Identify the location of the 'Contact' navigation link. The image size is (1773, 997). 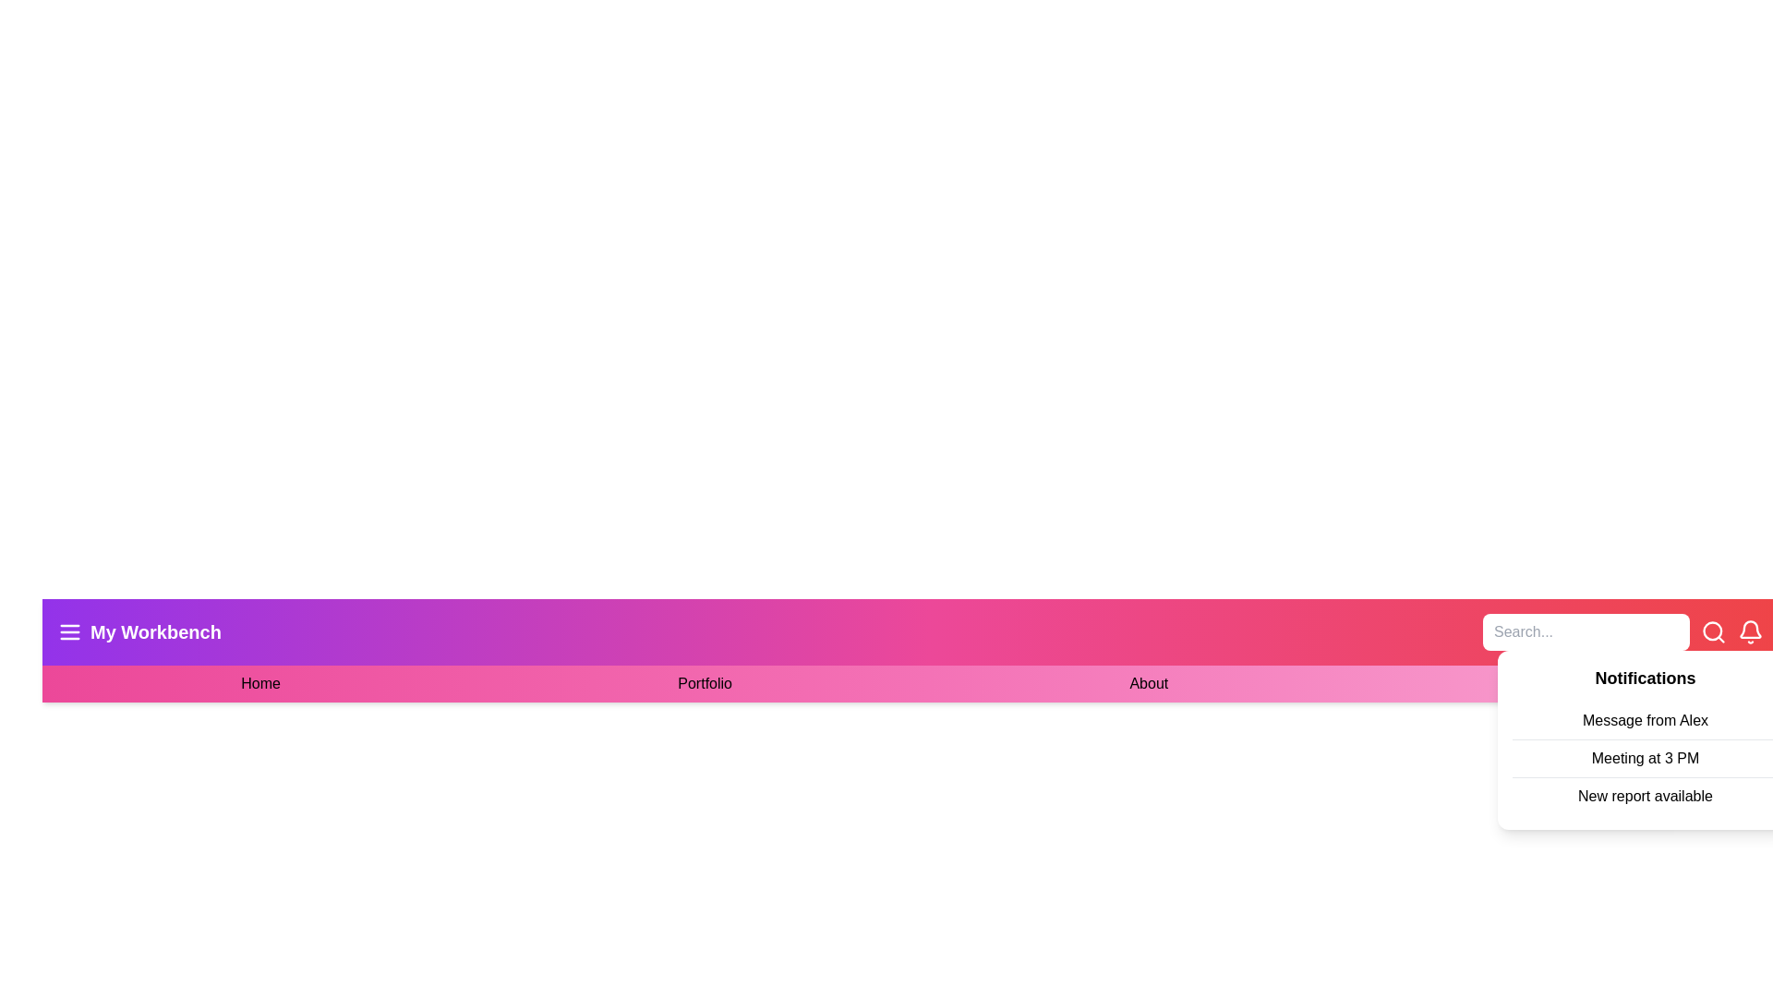
(1590, 683).